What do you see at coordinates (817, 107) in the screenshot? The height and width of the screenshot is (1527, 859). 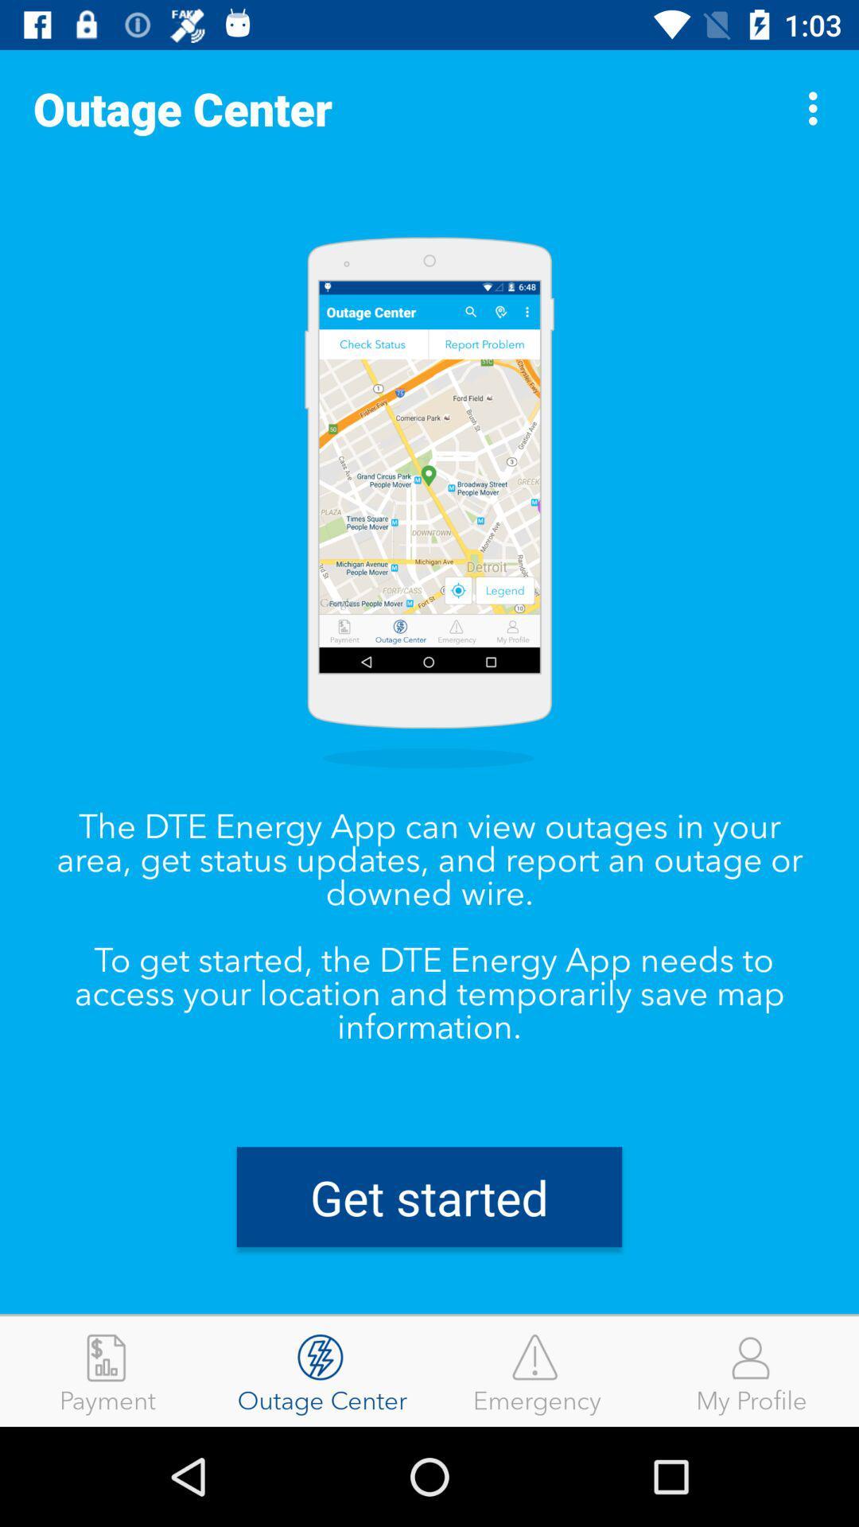 I see `the icon to the right of outage center item` at bounding box center [817, 107].